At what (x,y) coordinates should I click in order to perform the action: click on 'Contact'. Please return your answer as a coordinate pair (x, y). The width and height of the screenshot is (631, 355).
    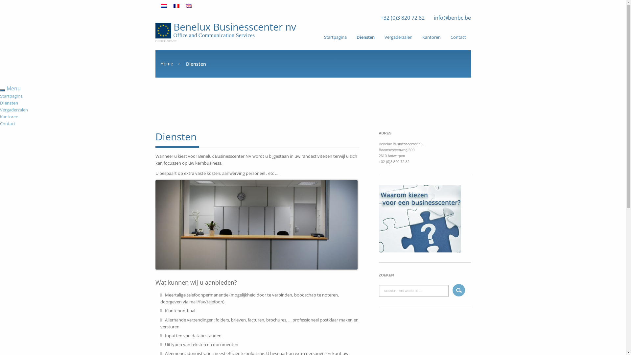
    Looking at the image, I should click on (8, 123).